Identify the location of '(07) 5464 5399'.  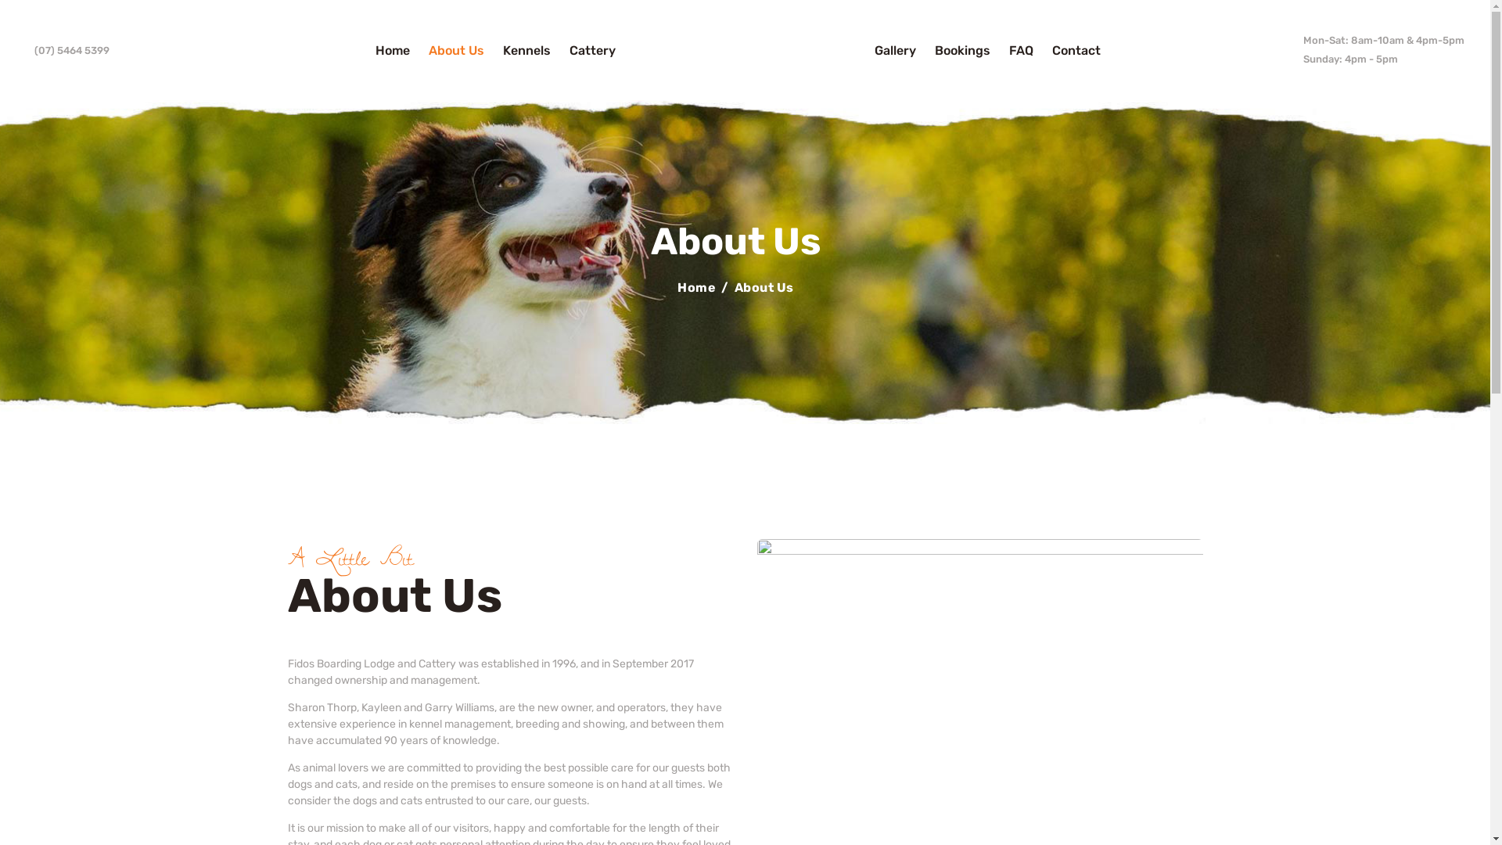
(66, 49).